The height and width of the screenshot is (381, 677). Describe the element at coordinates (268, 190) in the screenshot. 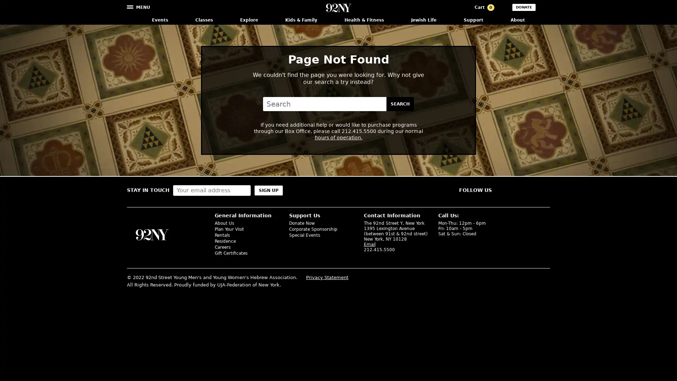

I see `Sign Up` at that location.